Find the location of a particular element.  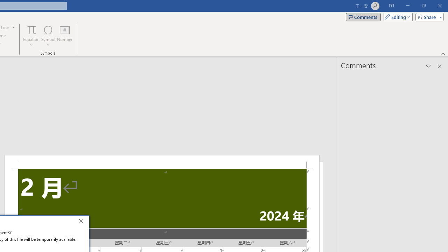

'Equation' is located at coordinates (31, 29).